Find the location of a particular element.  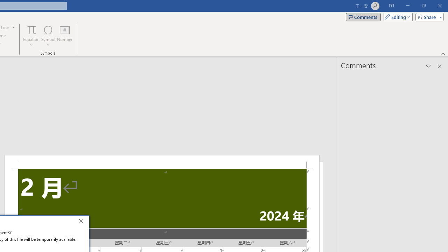

'Equation' is located at coordinates (31, 29).